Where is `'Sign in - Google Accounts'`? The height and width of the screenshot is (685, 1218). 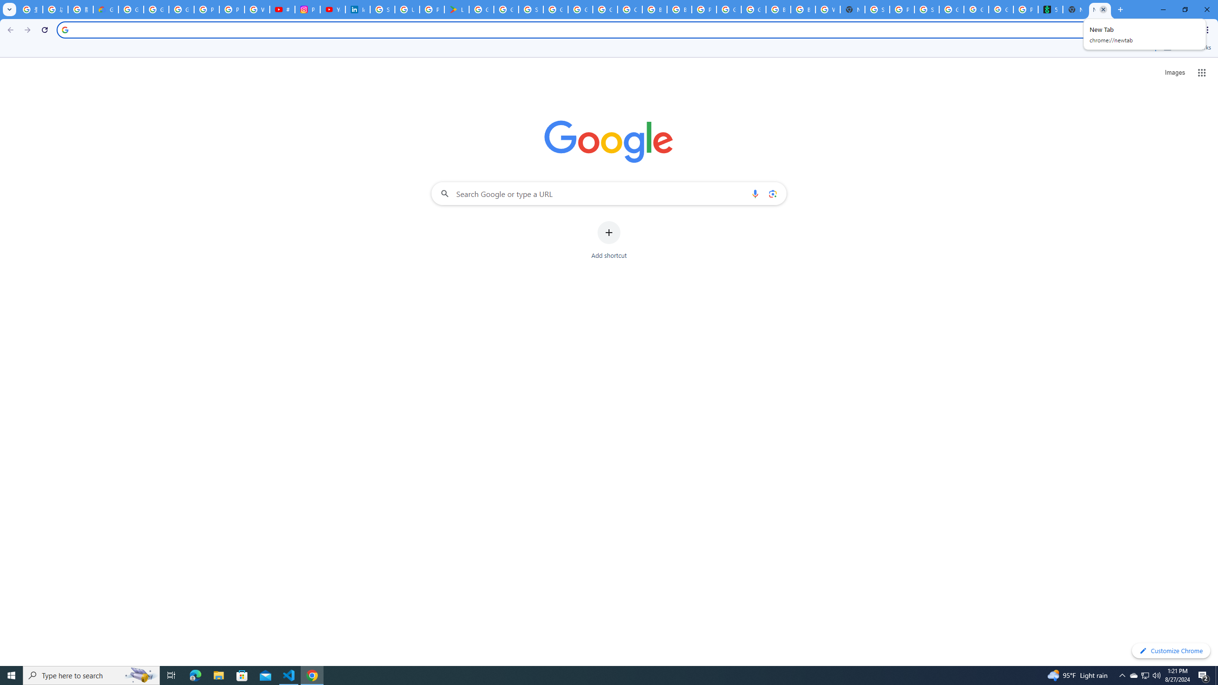 'Sign in - Google Accounts' is located at coordinates (877, 9).